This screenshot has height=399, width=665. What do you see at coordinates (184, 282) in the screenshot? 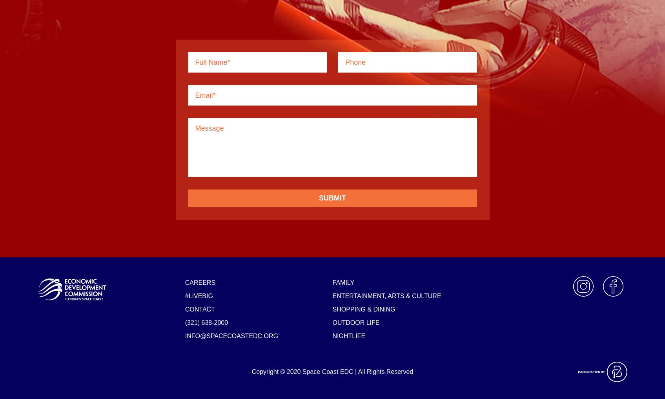
I see `'Careers'` at bounding box center [184, 282].